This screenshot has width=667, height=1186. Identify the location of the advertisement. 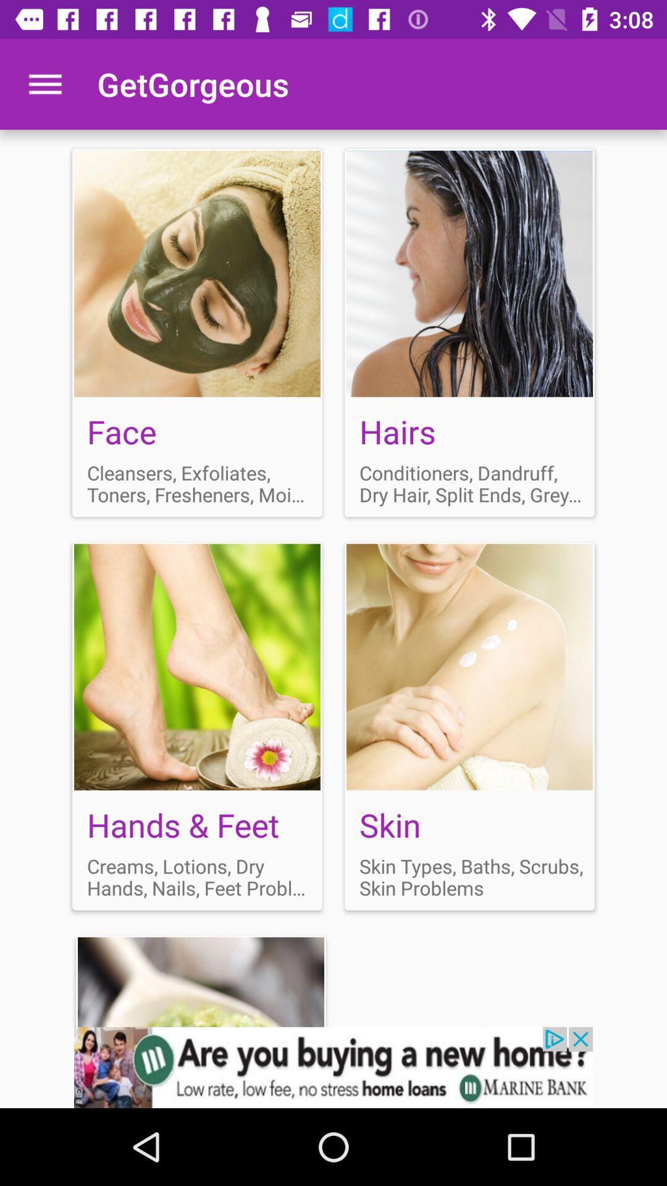
(333, 1067).